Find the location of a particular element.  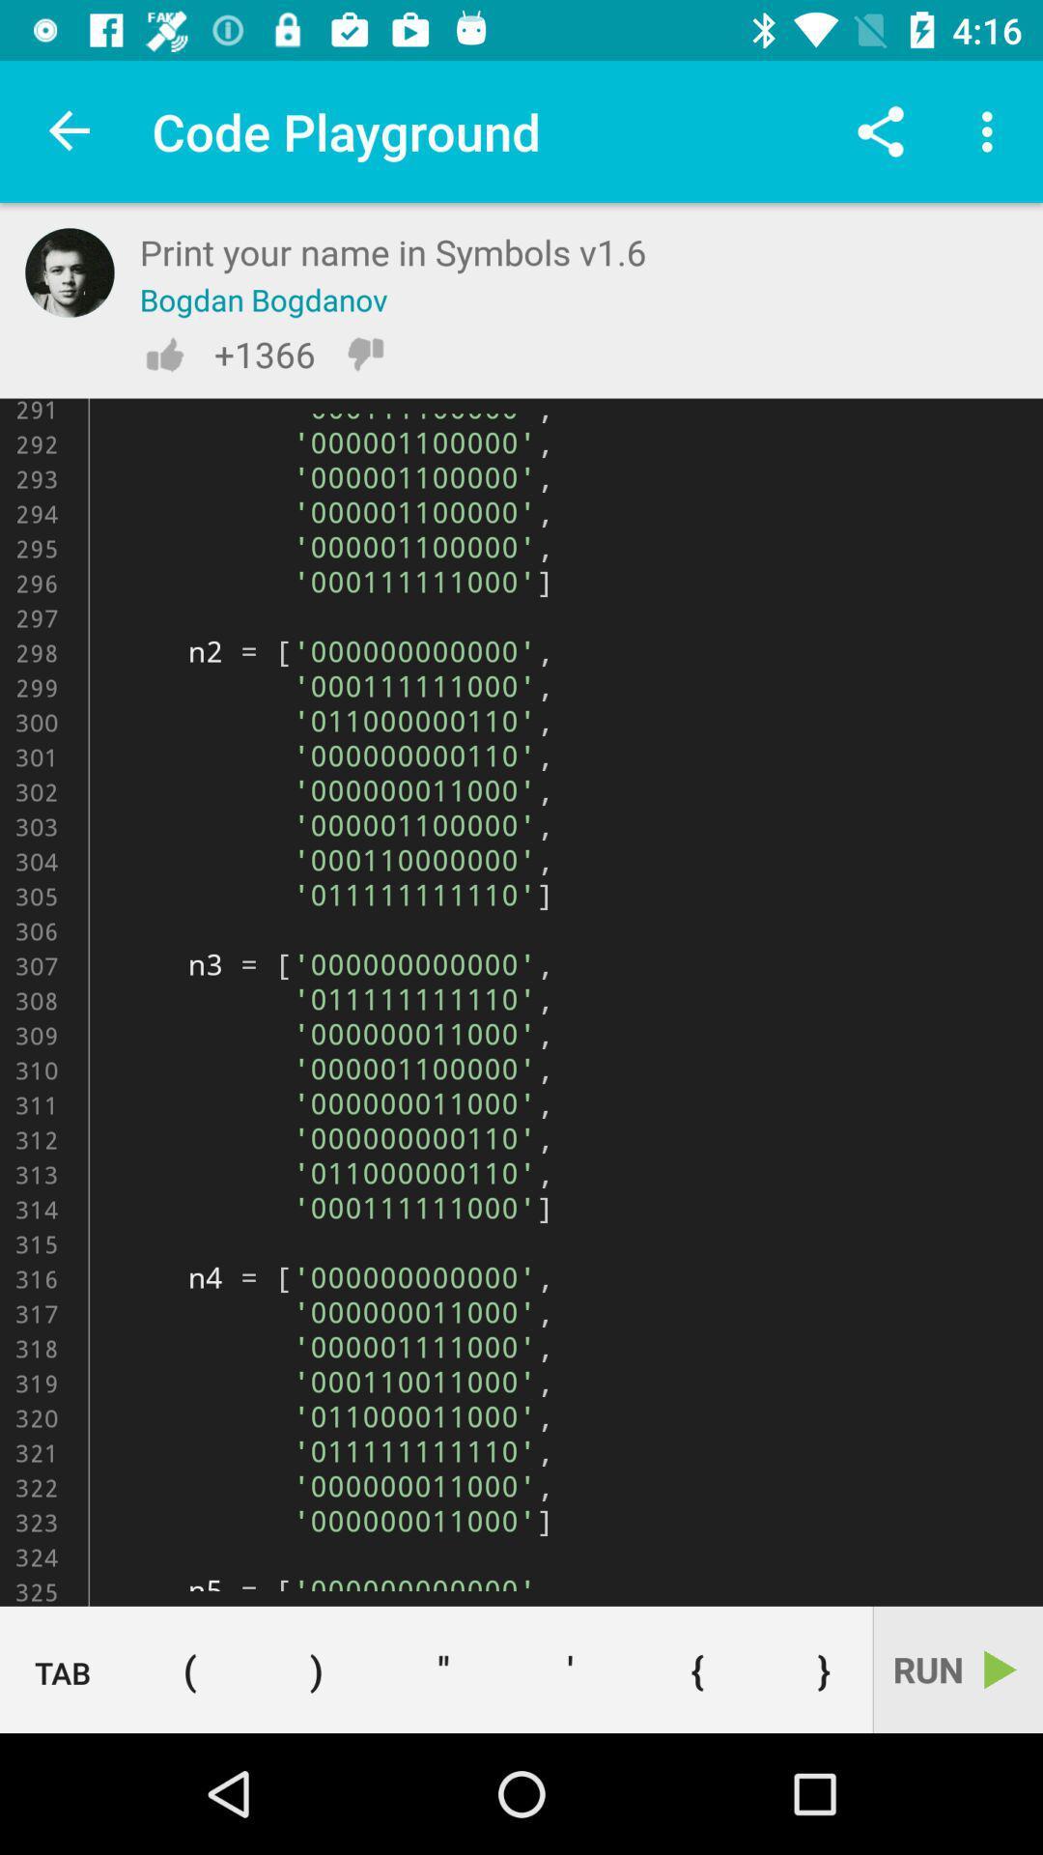

right open bracket is located at coordinates (316, 1669).